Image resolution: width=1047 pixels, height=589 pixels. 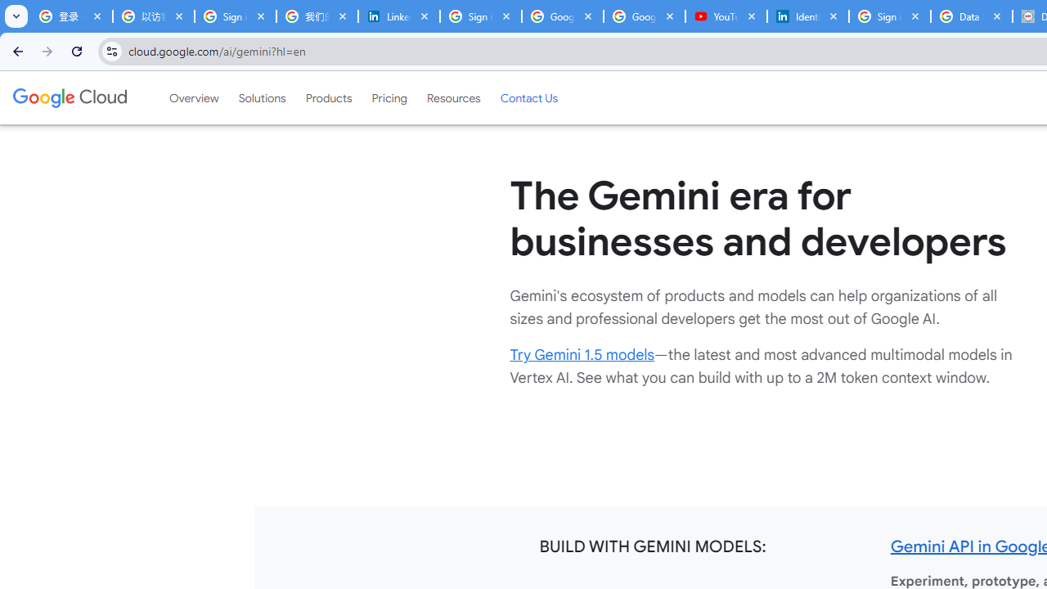 I want to click on 'LinkedIn Privacy Policy', so click(x=398, y=16).